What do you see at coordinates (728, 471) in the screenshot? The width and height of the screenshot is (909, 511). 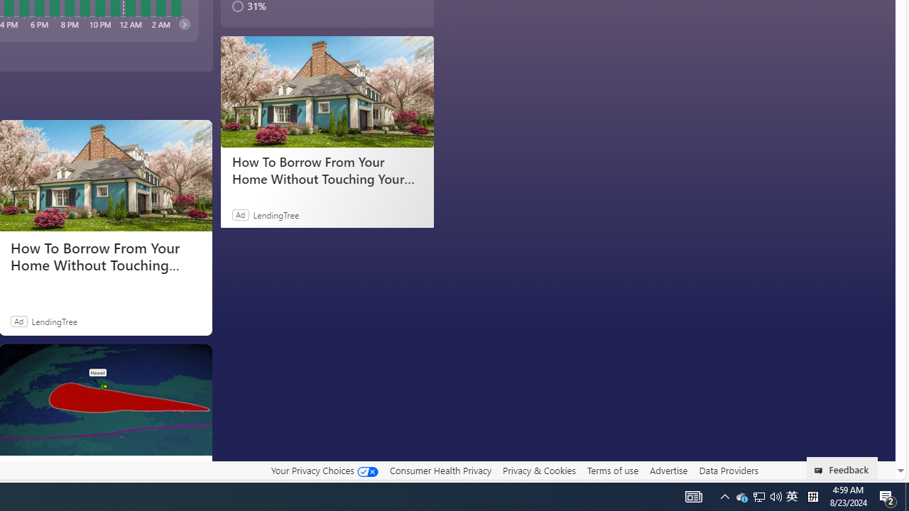 I see `'Data Providers'` at bounding box center [728, 471].